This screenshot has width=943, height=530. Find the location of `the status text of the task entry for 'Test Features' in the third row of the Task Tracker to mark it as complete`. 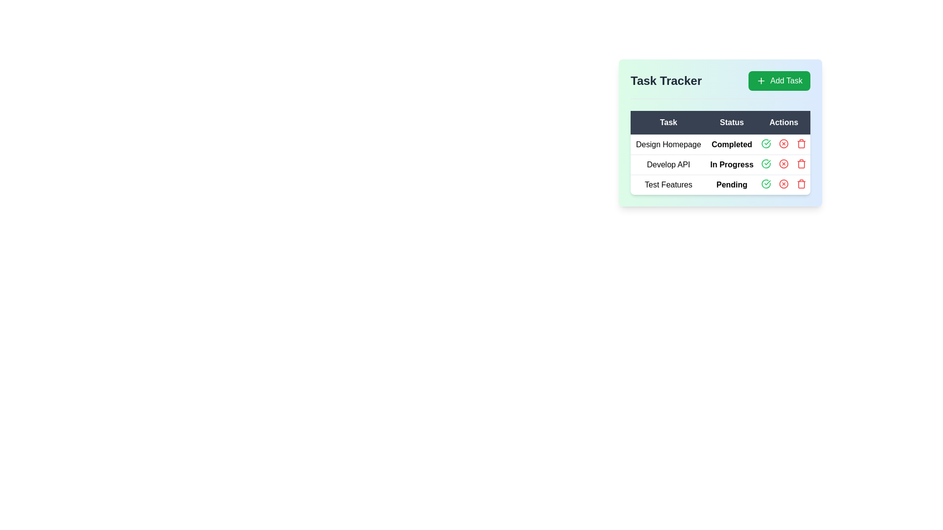

the status text of the task entry for 'Test Features' in the third row of the Task Tracker to mark it as complete is located at coordinates (721, 184).